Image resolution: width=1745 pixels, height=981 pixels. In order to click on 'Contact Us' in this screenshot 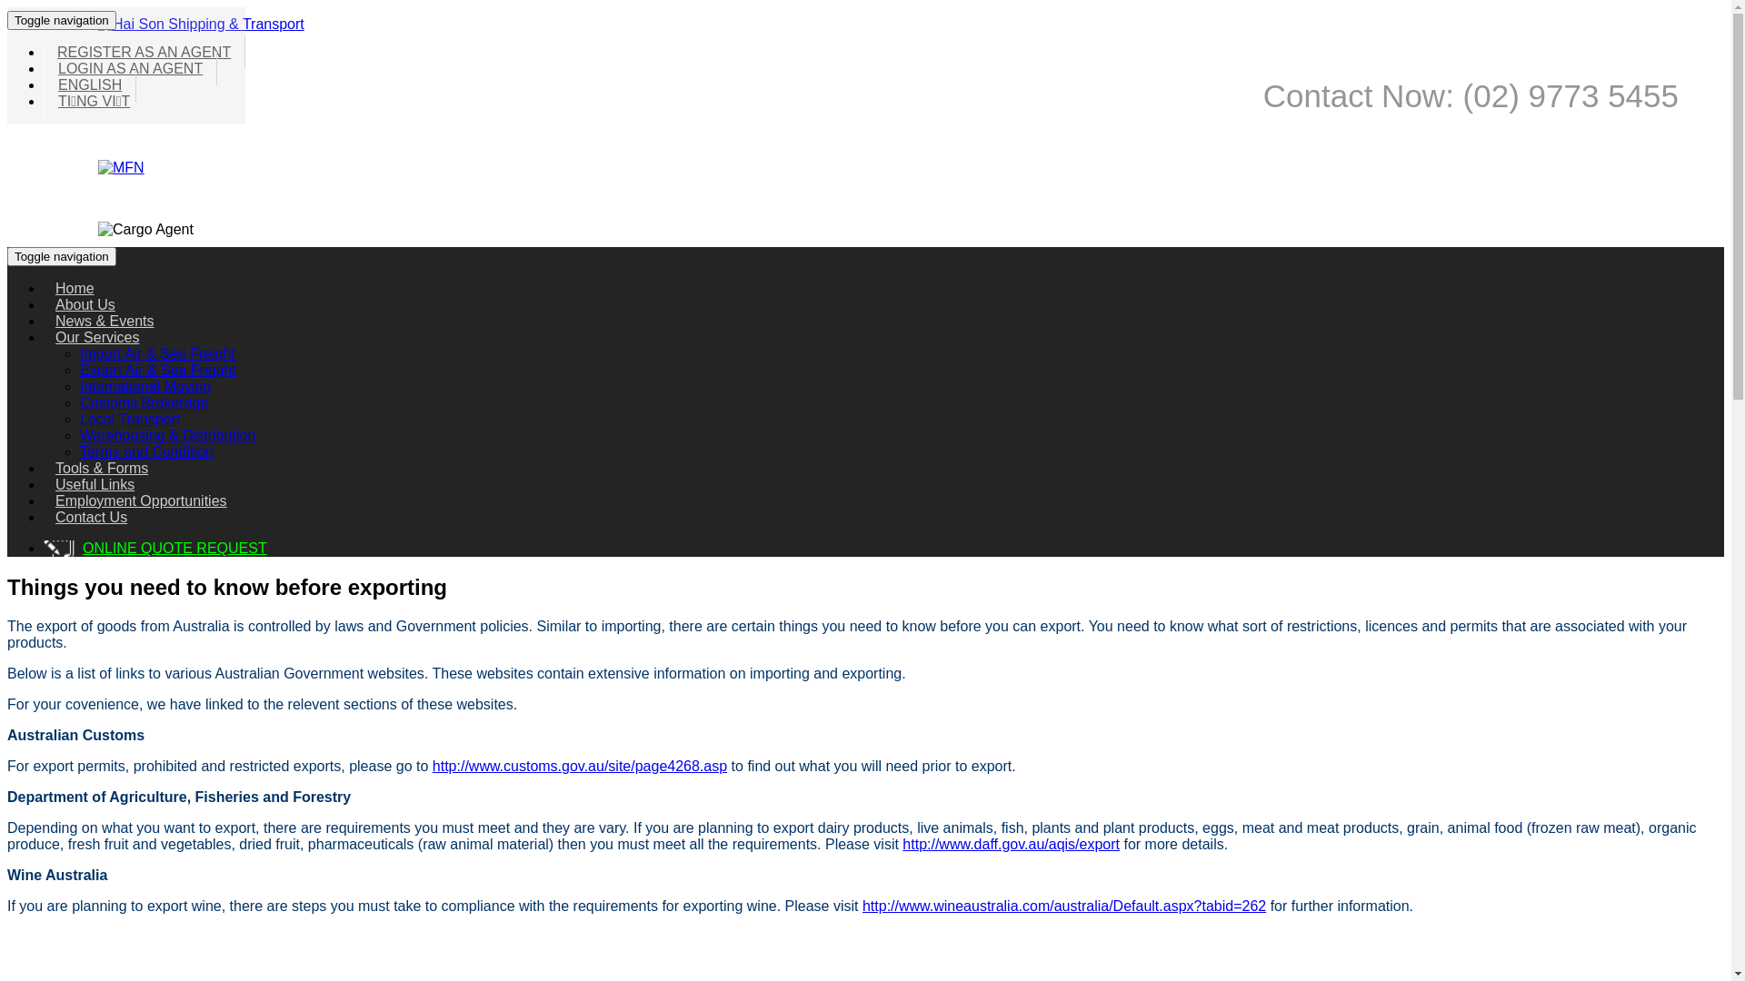, I will do `click(90, 517)`.